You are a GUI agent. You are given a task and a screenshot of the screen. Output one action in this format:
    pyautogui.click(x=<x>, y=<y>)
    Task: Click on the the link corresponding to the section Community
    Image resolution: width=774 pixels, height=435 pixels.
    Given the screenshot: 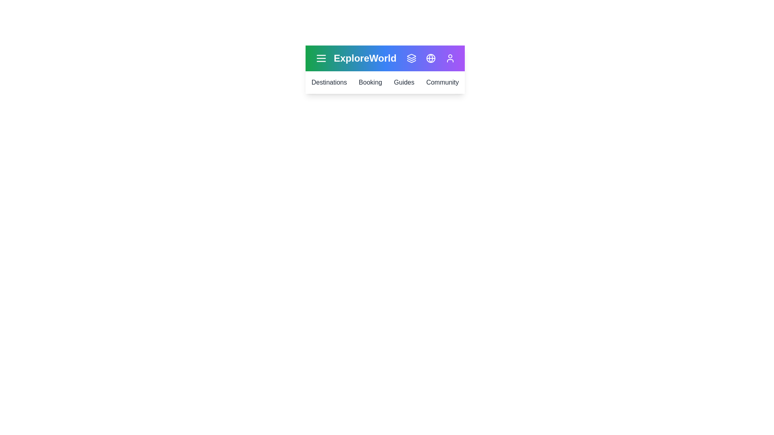 What is the action you would take?
    pyautogui.click(x=442, y=82)
    